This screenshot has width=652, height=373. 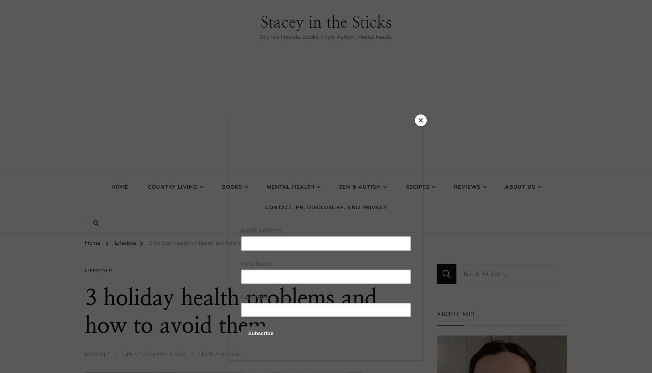 I want to click on 'Contact, PR, Disclosure, and Privacy', so click(x=325, y=207).